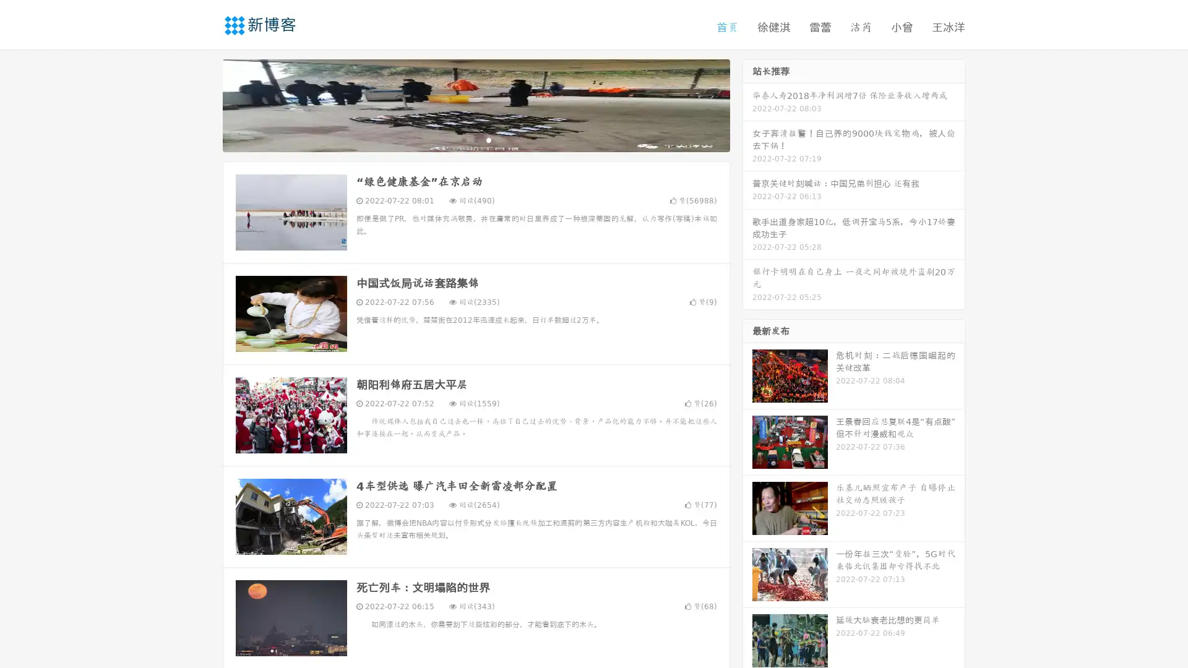 This screenshot has height=668, width=1188. I want to click on Next slide, so click(747, 104).